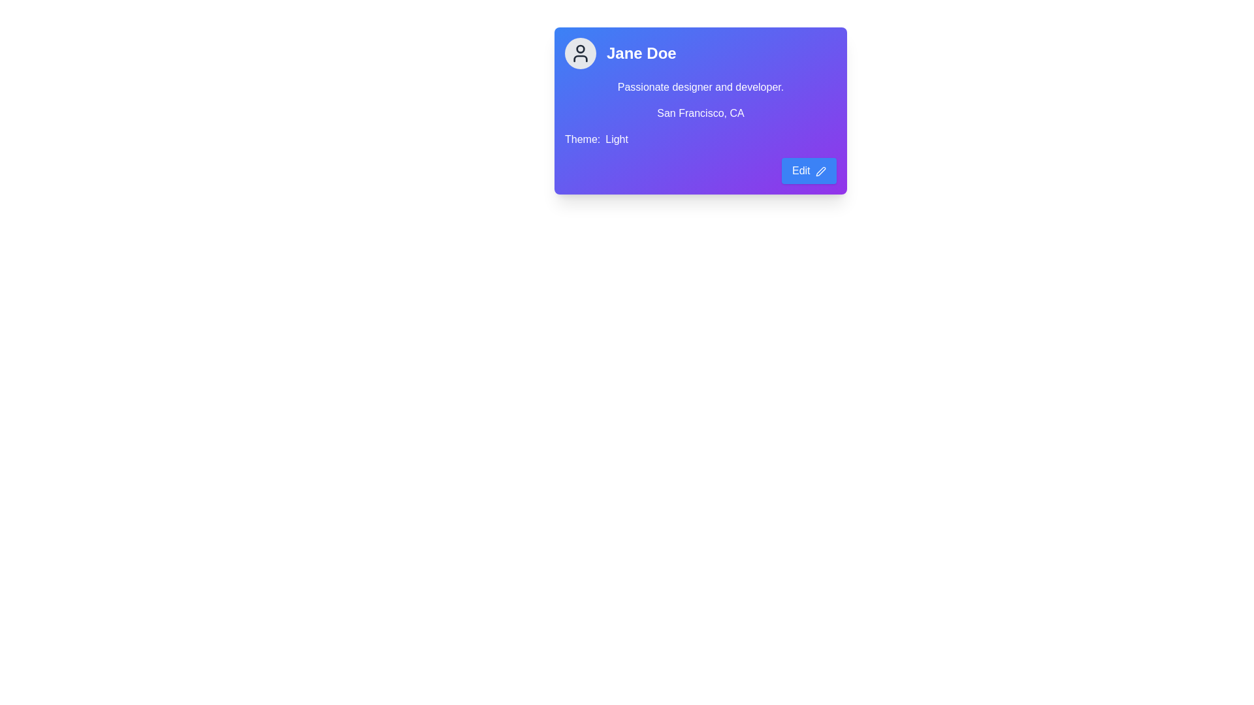 Image resolution: width=1254 pixels, height=705 pixels. What do you see at coordinates (808, 170) in the screenshot?
I see `the 'Edit' button located at the bottom-right corner of the card interface, directly below the descriptive text about 'Jane Doe'` at bounding box center [808, 170].